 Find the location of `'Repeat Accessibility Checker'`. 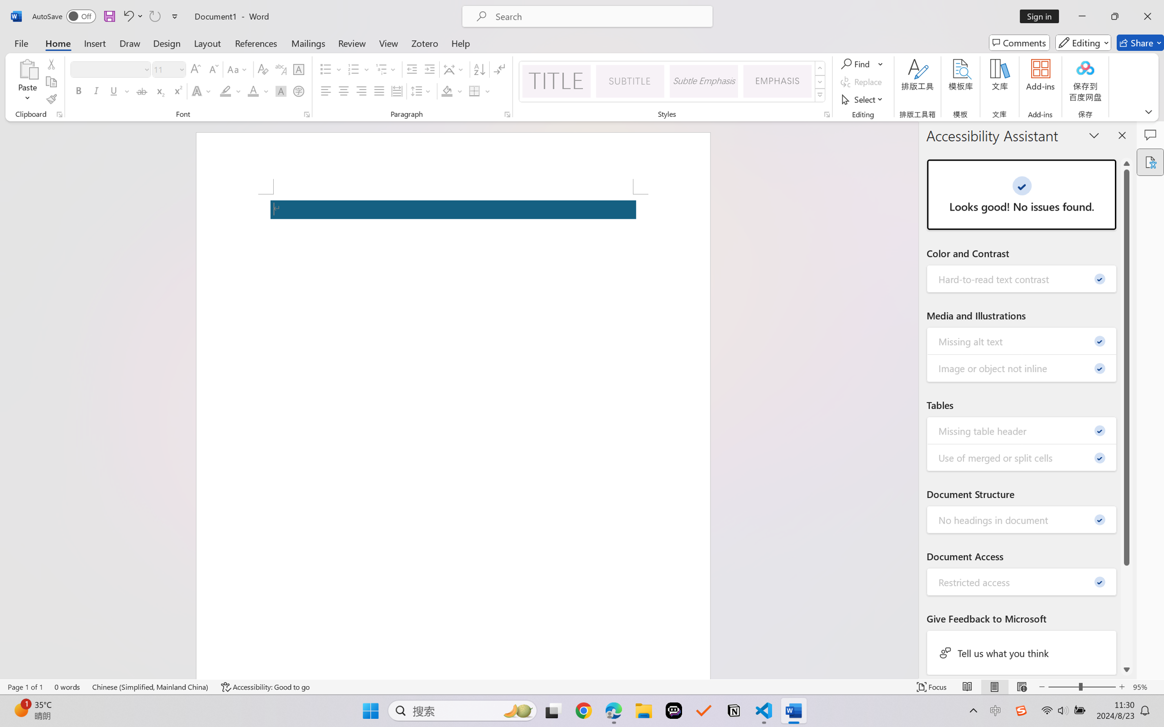

'Repeat Accessibility Checker' is located at coordinates (154, 16).